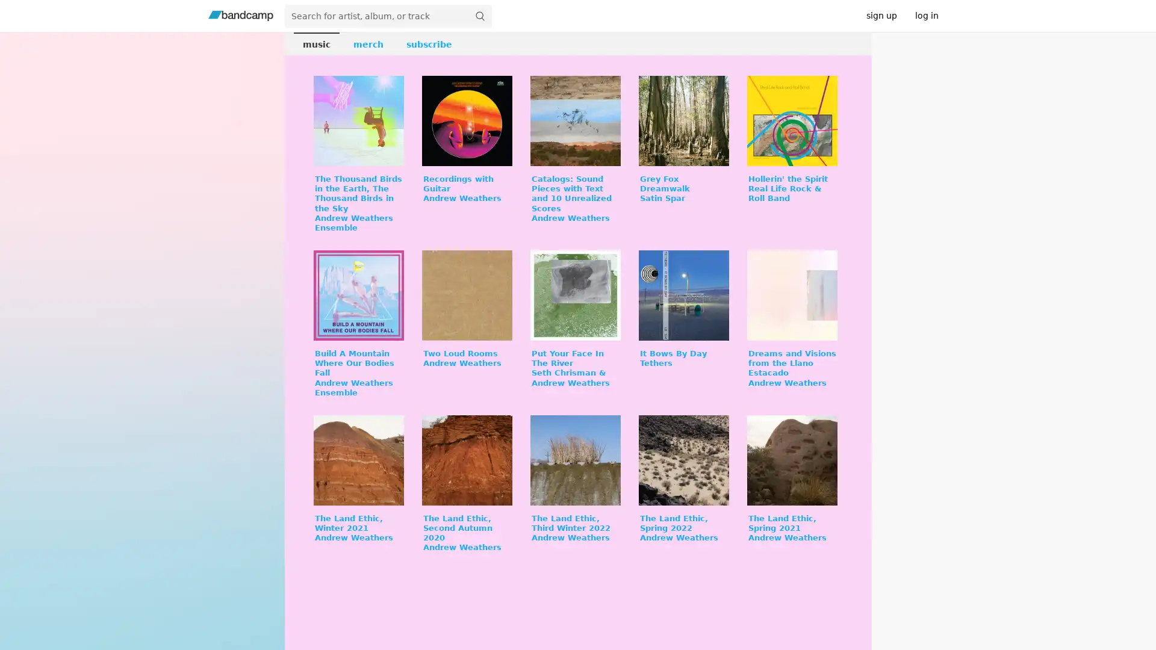 The image size is (1156, 650). What do you see at coordinates (479, 16) in the screenshot?
I see `submit for full search page` at bounding box center [479, 16].